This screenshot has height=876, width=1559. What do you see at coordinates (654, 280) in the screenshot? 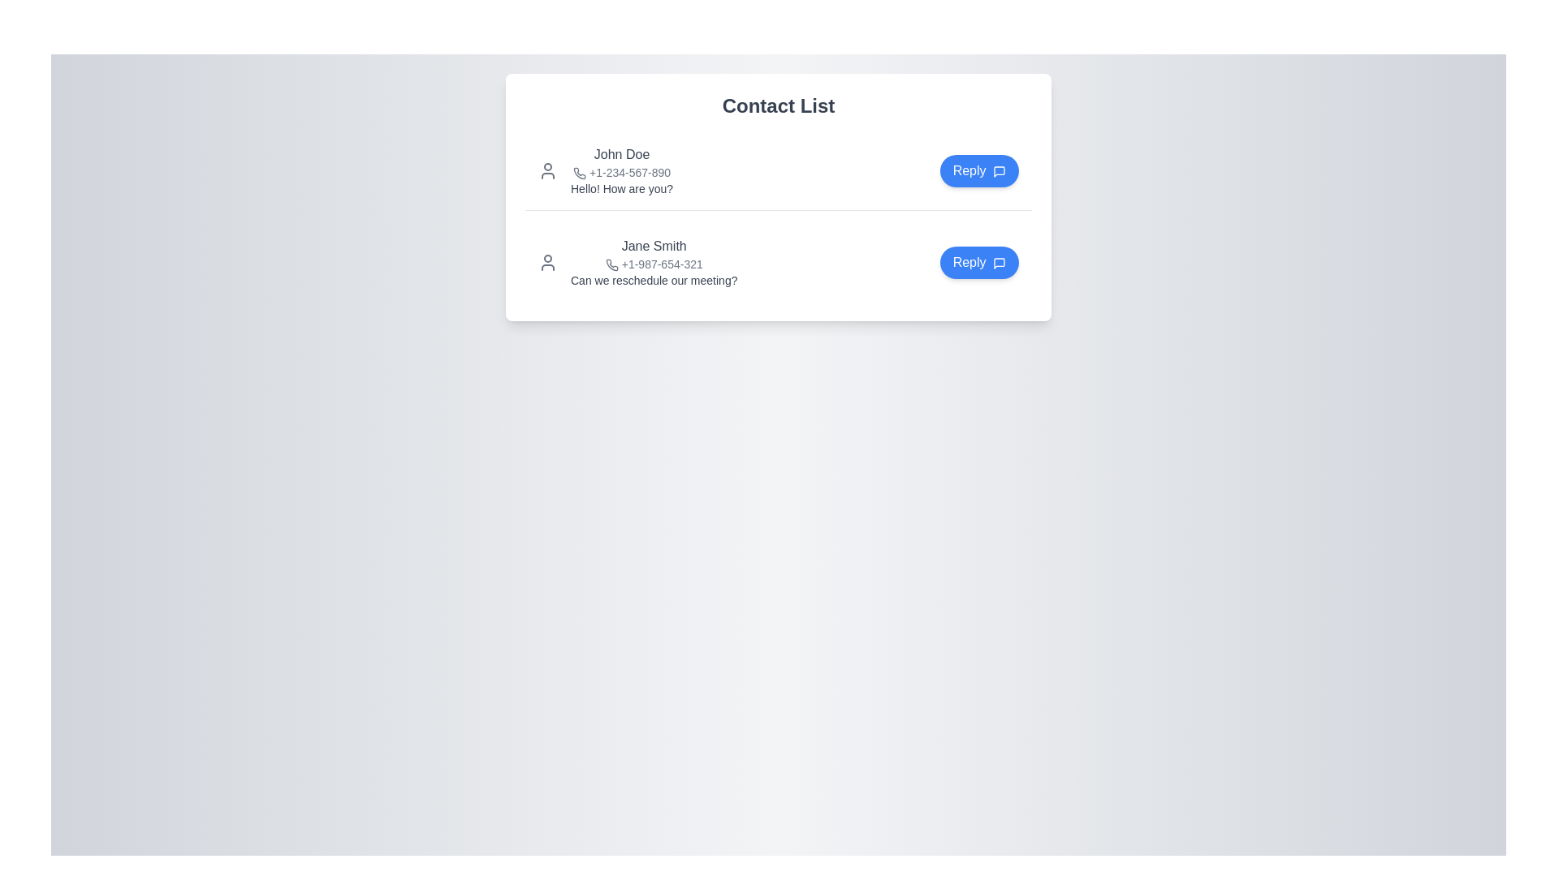
I see `text content displayed in the Text Display element associated with the contact Jane Smith, located beneath the subtitle line '+1-987-654-321'` at bounding box center [654, 280].